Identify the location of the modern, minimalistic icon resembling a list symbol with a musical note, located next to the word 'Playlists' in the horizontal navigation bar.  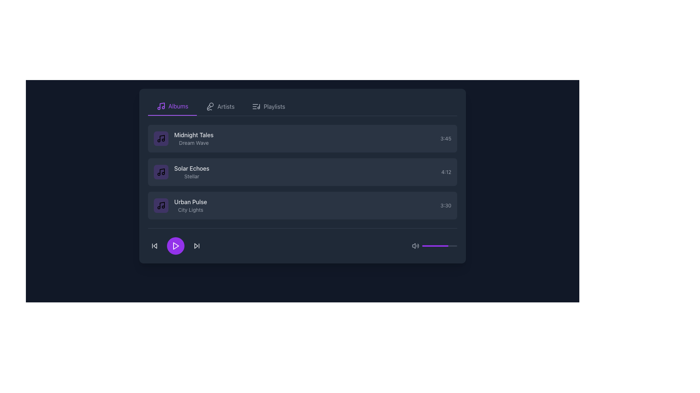
(256, 107).